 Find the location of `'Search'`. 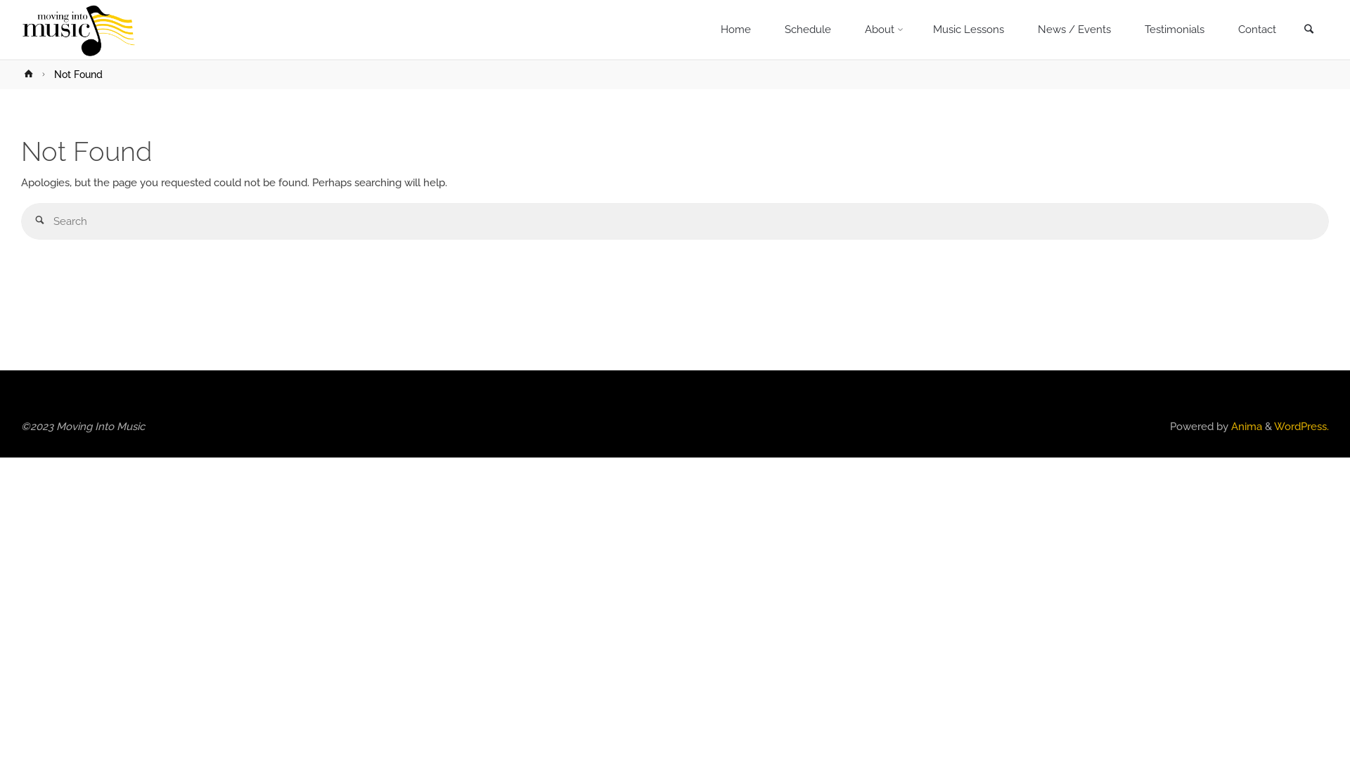

'Search' is located at coordinates (1308, 30).